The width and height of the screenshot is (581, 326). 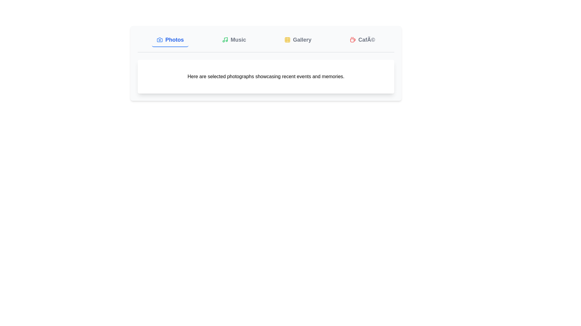 I want to click on the 'Photos' tab label in the navigation menu, which indicates the section related to photos, so click(x=174, y=40).